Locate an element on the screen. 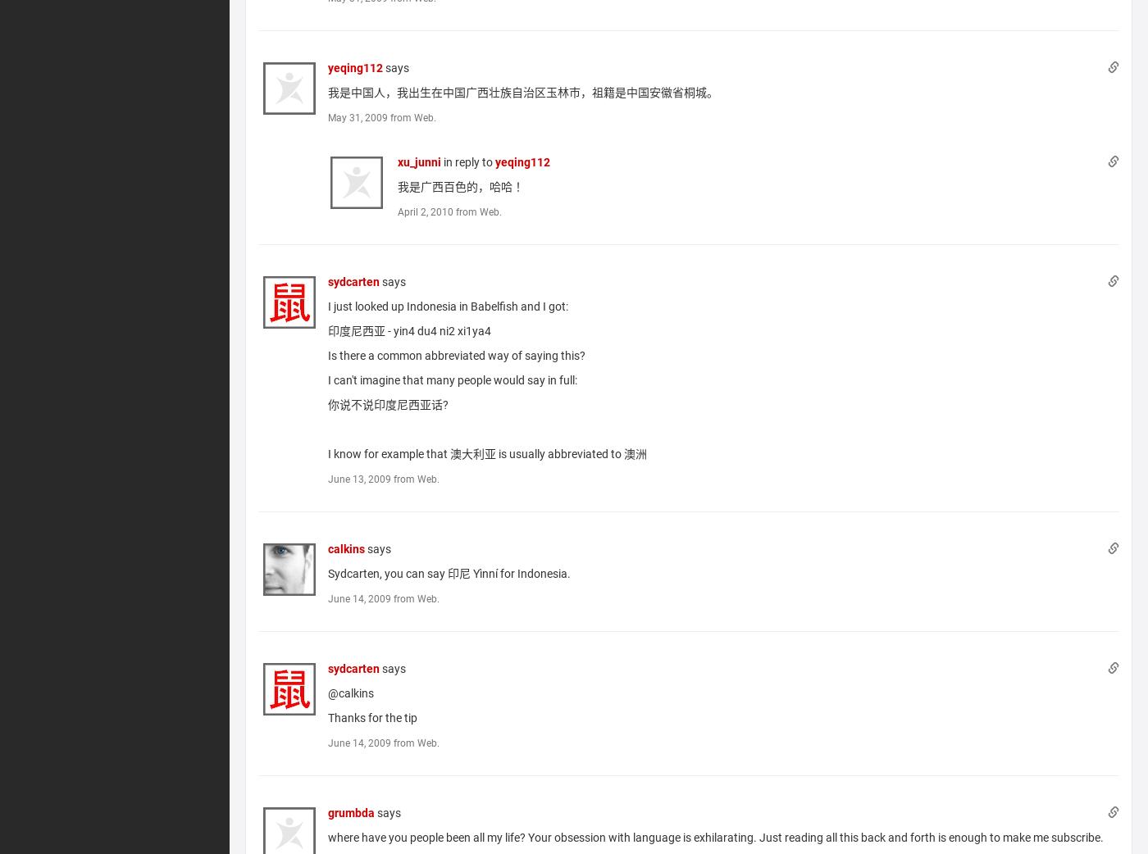 This screenshot has height=854, width=1148. 'Thanks for the tip' is located at coordinates (372, 715).